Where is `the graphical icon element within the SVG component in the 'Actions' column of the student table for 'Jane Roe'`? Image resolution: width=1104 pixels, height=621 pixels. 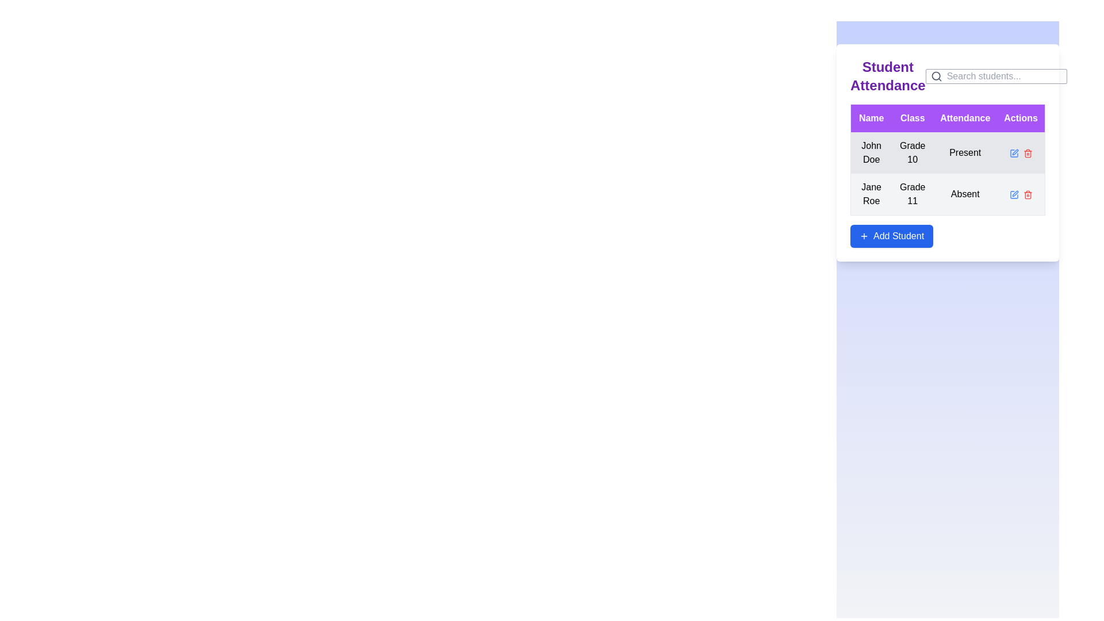 the graphical icon element within the SVG component in the 'Actions' column of the student table for 'Jane Roe' is located at coordinates (1014, 194).